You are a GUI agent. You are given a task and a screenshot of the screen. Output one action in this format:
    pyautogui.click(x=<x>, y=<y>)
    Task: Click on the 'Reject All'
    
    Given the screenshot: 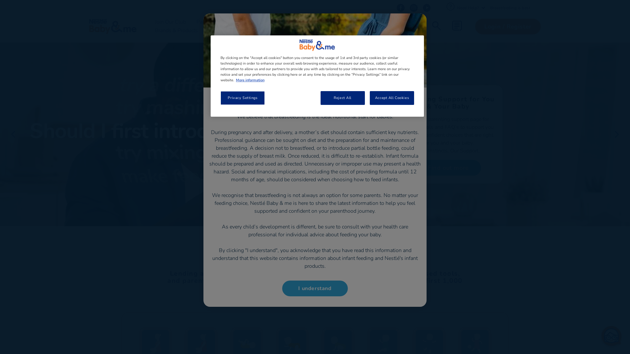 What is the action you would take?
    pyautogui.click(x=342, y=98)
    